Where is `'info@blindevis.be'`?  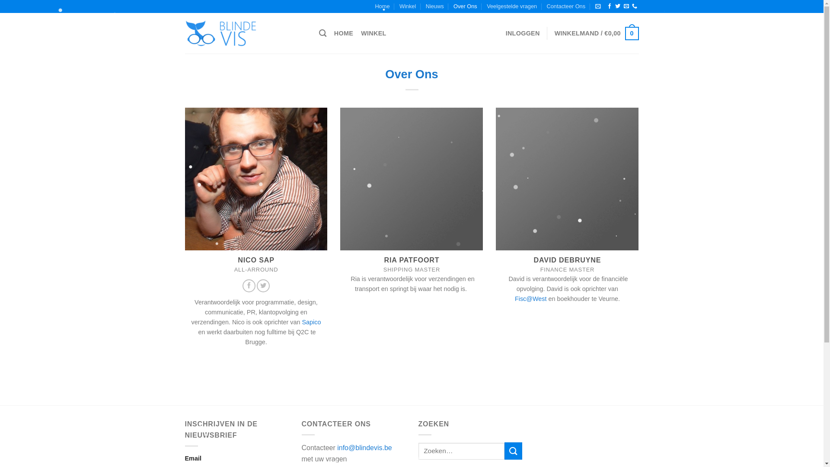
'info@blindevis.be' is located at coordinates (336, 448).